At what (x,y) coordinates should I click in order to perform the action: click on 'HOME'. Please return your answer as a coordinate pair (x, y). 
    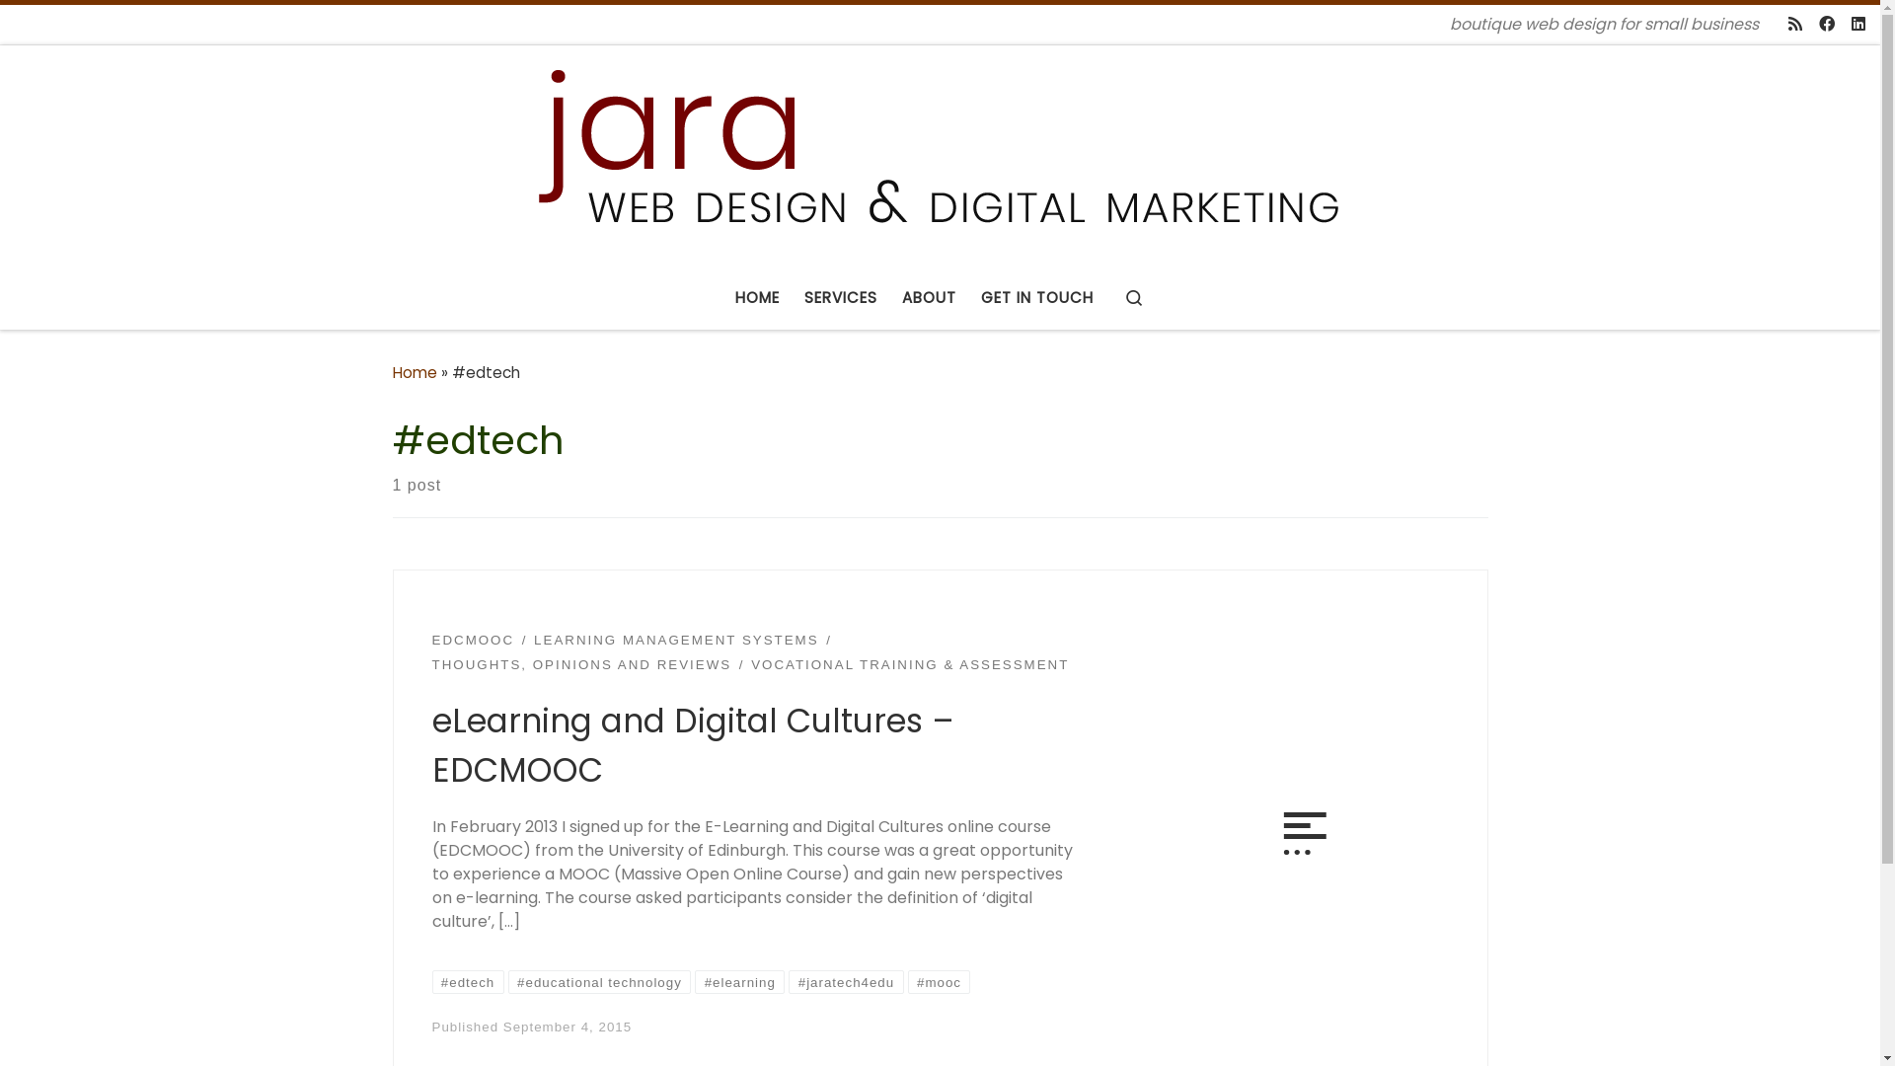
    Looking at the image, I should click on (757, 297).